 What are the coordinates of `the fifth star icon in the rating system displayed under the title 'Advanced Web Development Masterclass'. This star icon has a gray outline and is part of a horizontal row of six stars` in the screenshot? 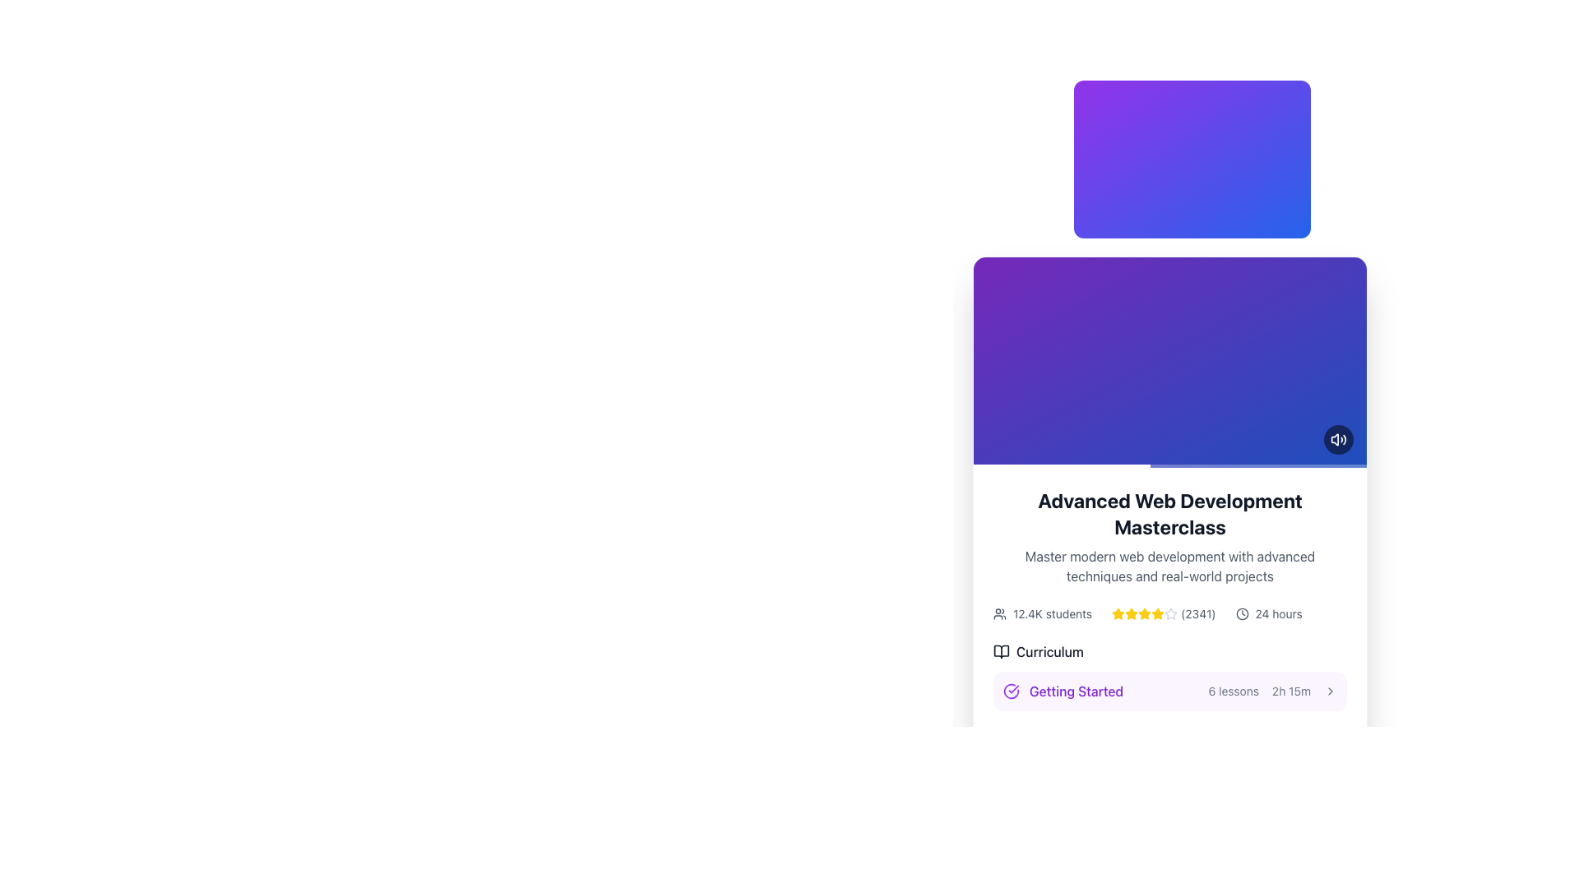 It's located at (1170, 614).